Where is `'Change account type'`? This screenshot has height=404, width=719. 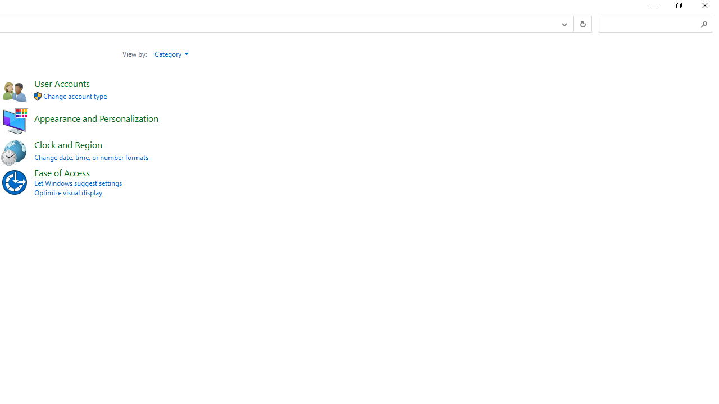 'Change account type' is located at coordinates (74, 95).